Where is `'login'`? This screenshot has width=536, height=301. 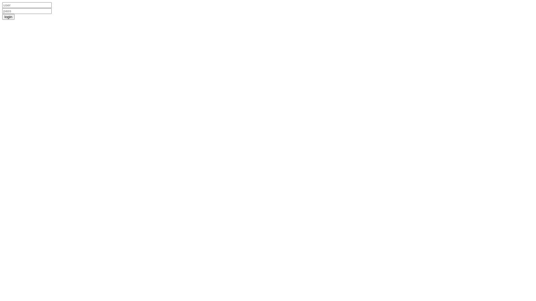 'login' is located at coordinates (8, 16).